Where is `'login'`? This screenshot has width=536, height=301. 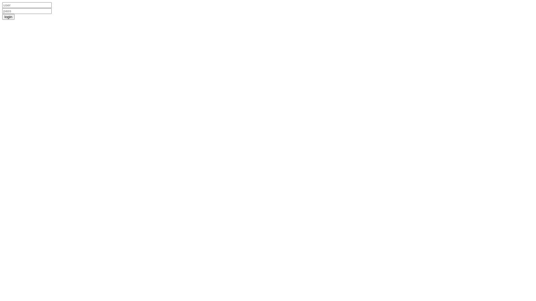 'login' is located at coordinates (8, 16).